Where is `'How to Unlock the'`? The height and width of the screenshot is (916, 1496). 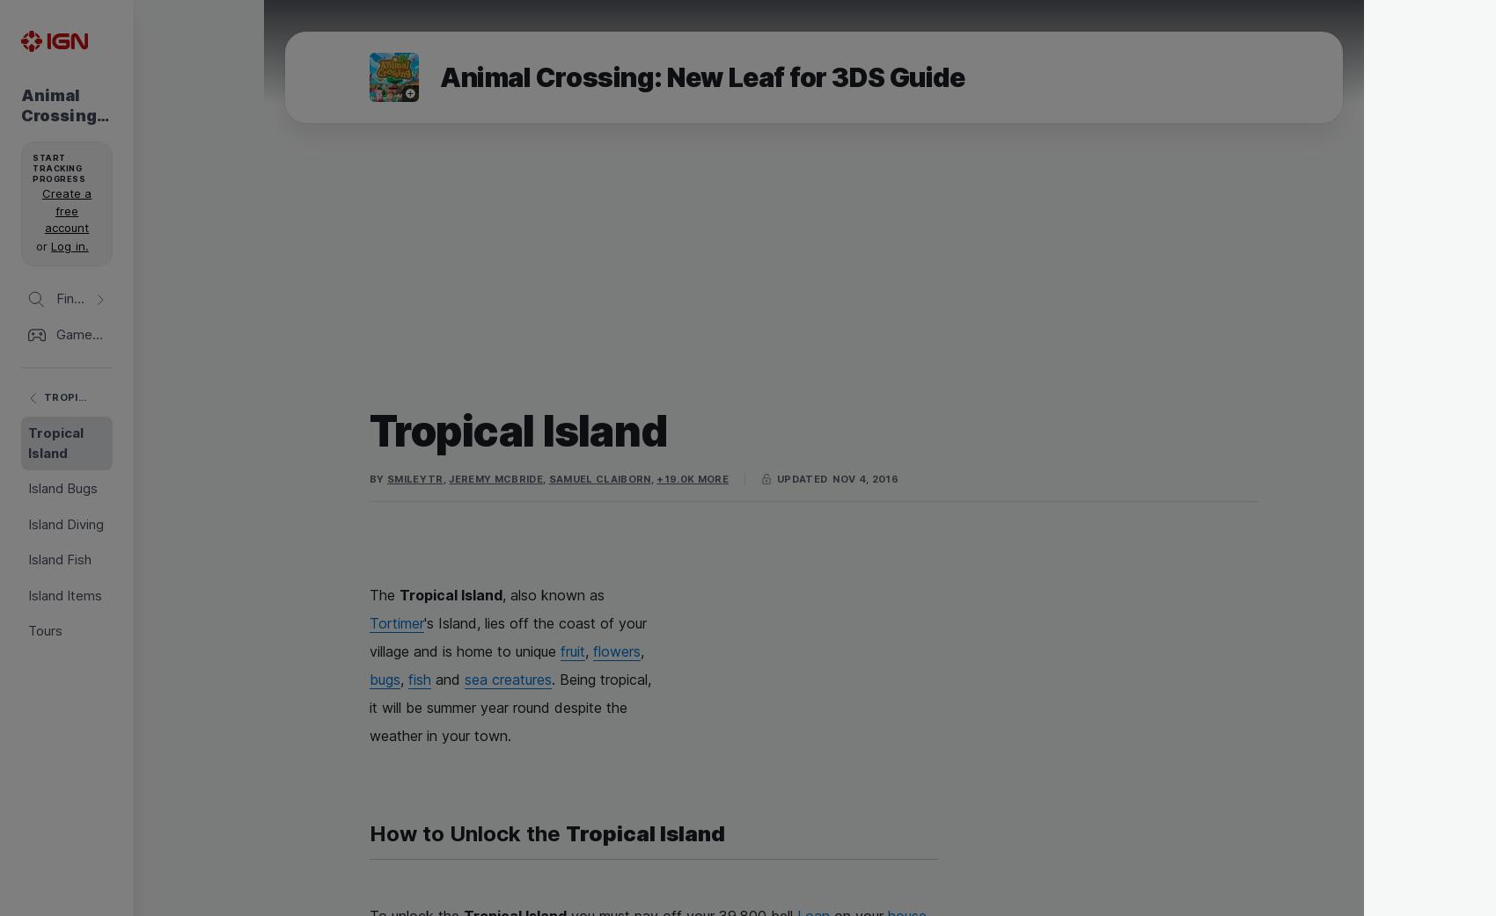 'How to Unlock the' is located at coordinates (467, 832).